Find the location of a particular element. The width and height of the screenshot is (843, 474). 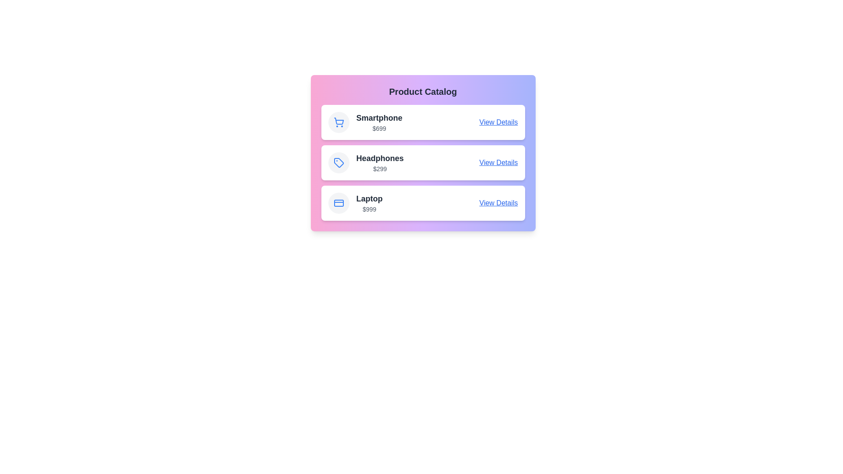

the 'View Details' link for the Headphones product is located at coordinates (498, 162).